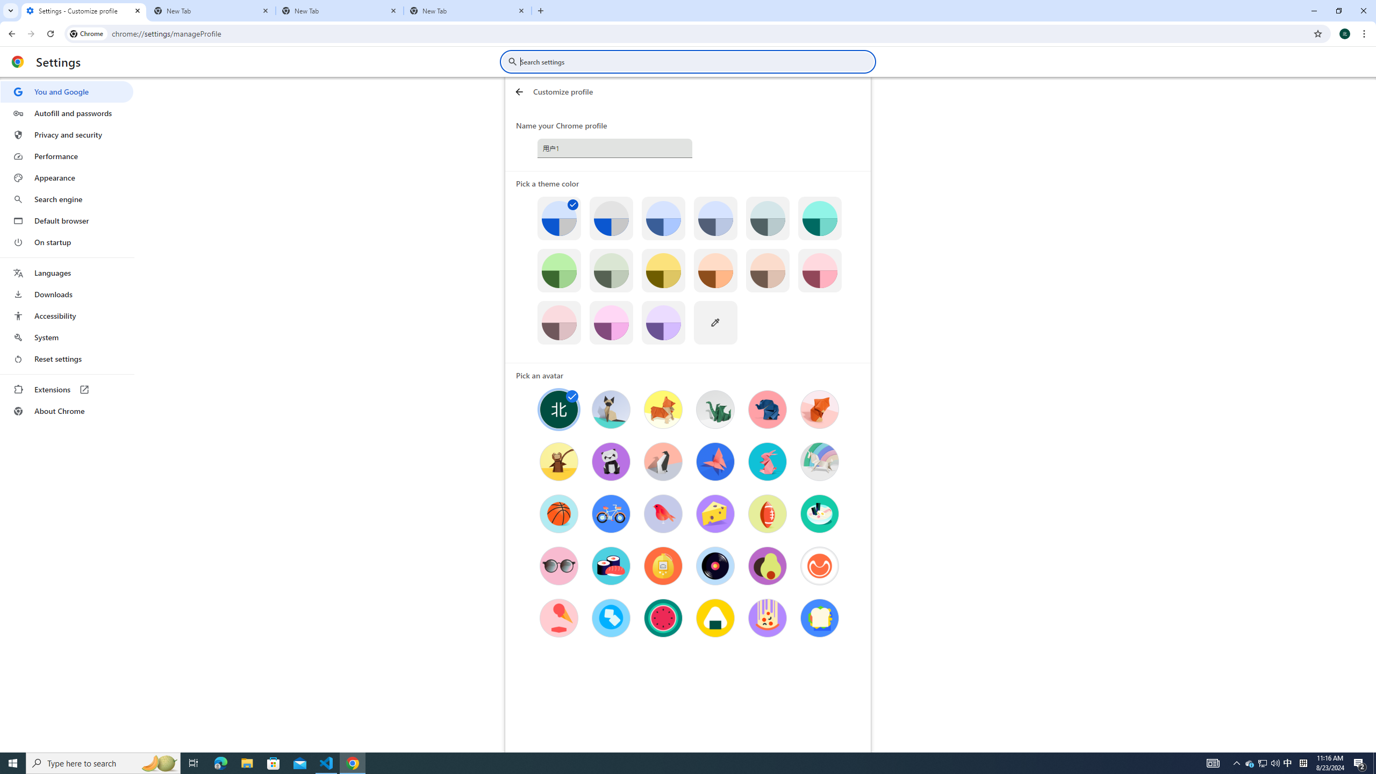 This screenshot has height=774, width=1376. I want to click on 'Performance', so click(66, 156).